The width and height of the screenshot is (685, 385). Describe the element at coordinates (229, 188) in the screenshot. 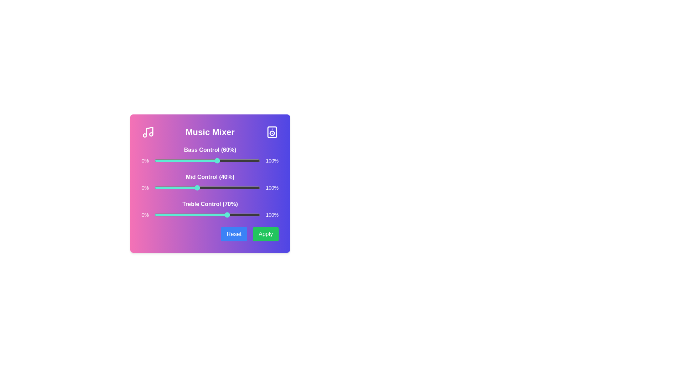

I see `the mid control slider to 71%` at that location.